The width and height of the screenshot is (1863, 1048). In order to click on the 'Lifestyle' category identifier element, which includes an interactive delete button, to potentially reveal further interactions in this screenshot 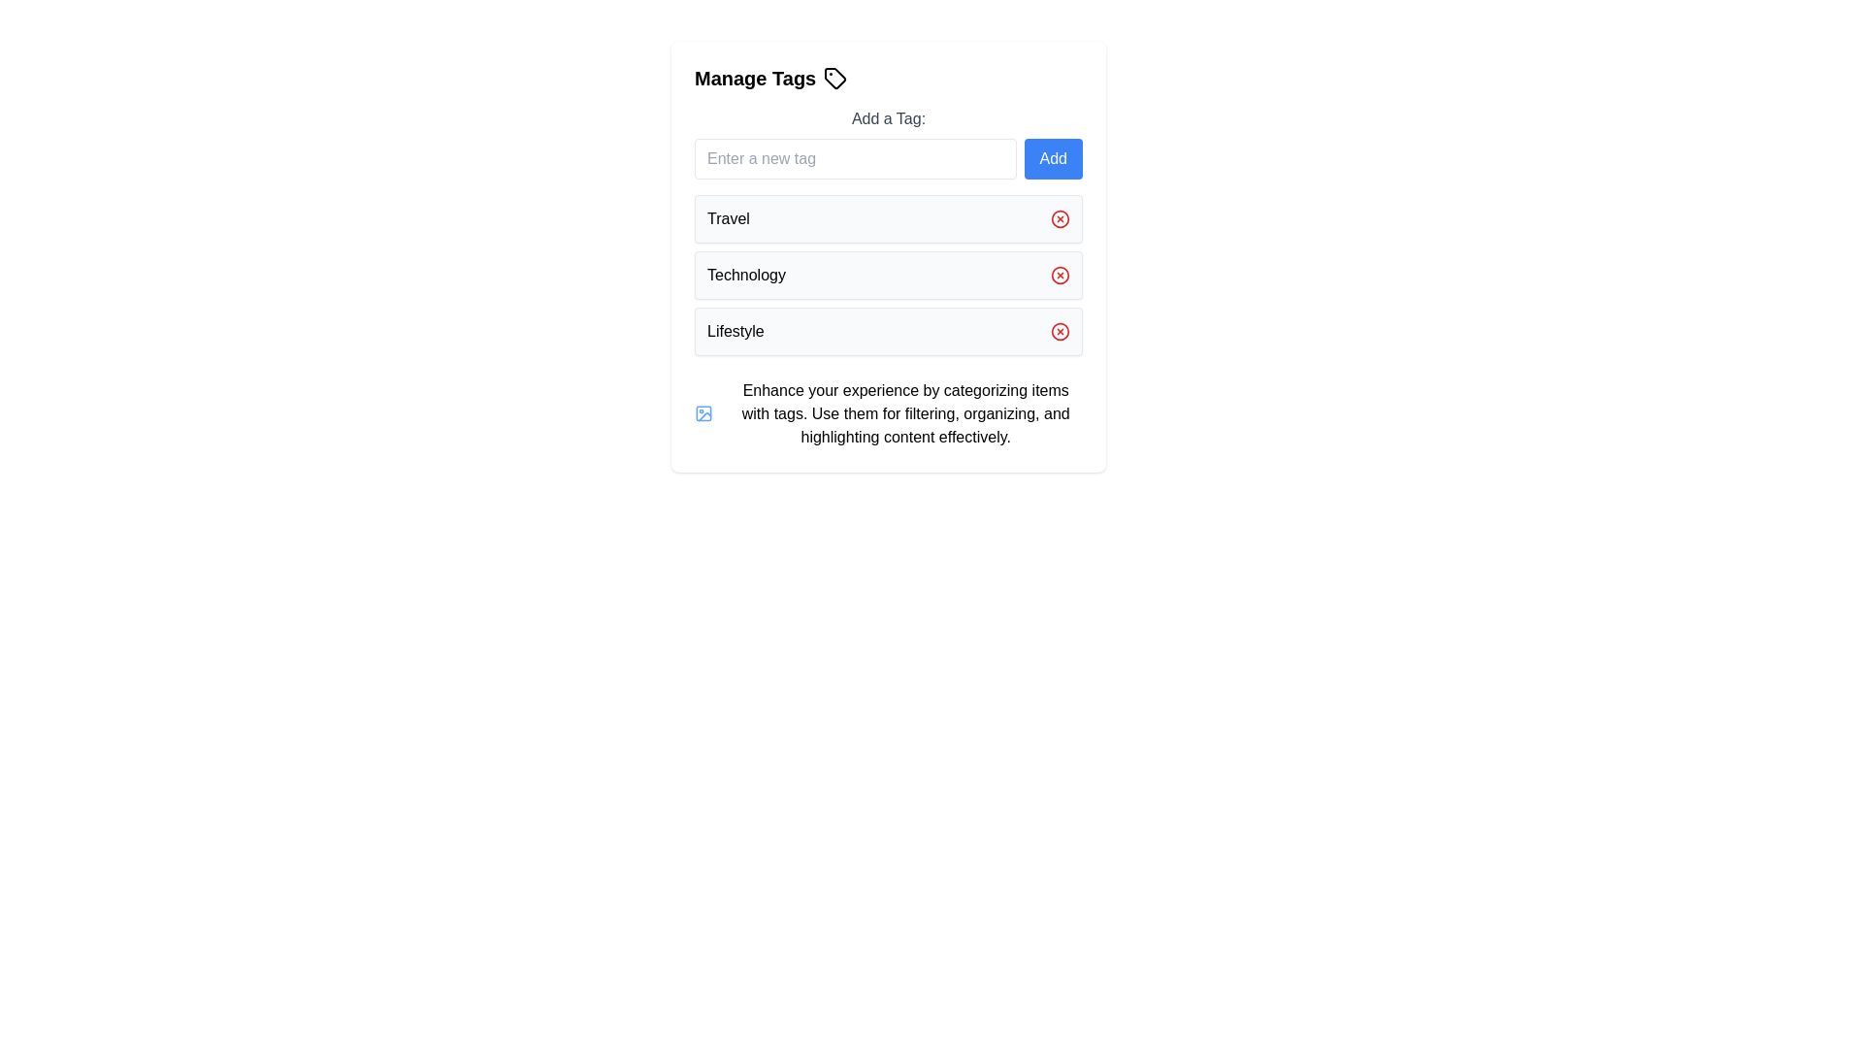, I will do `click(888, 331)`.